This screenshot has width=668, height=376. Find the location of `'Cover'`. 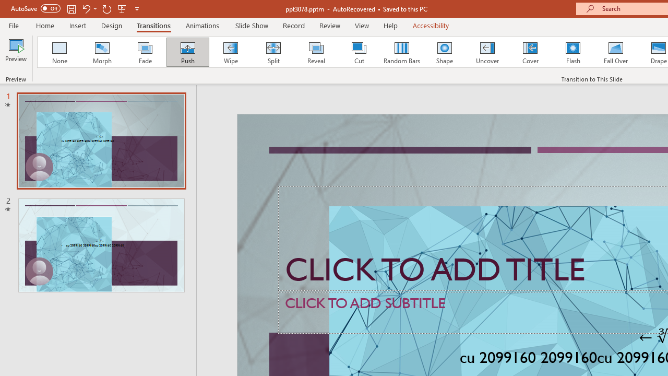

'Cover' is located at coordinates (530, 52).